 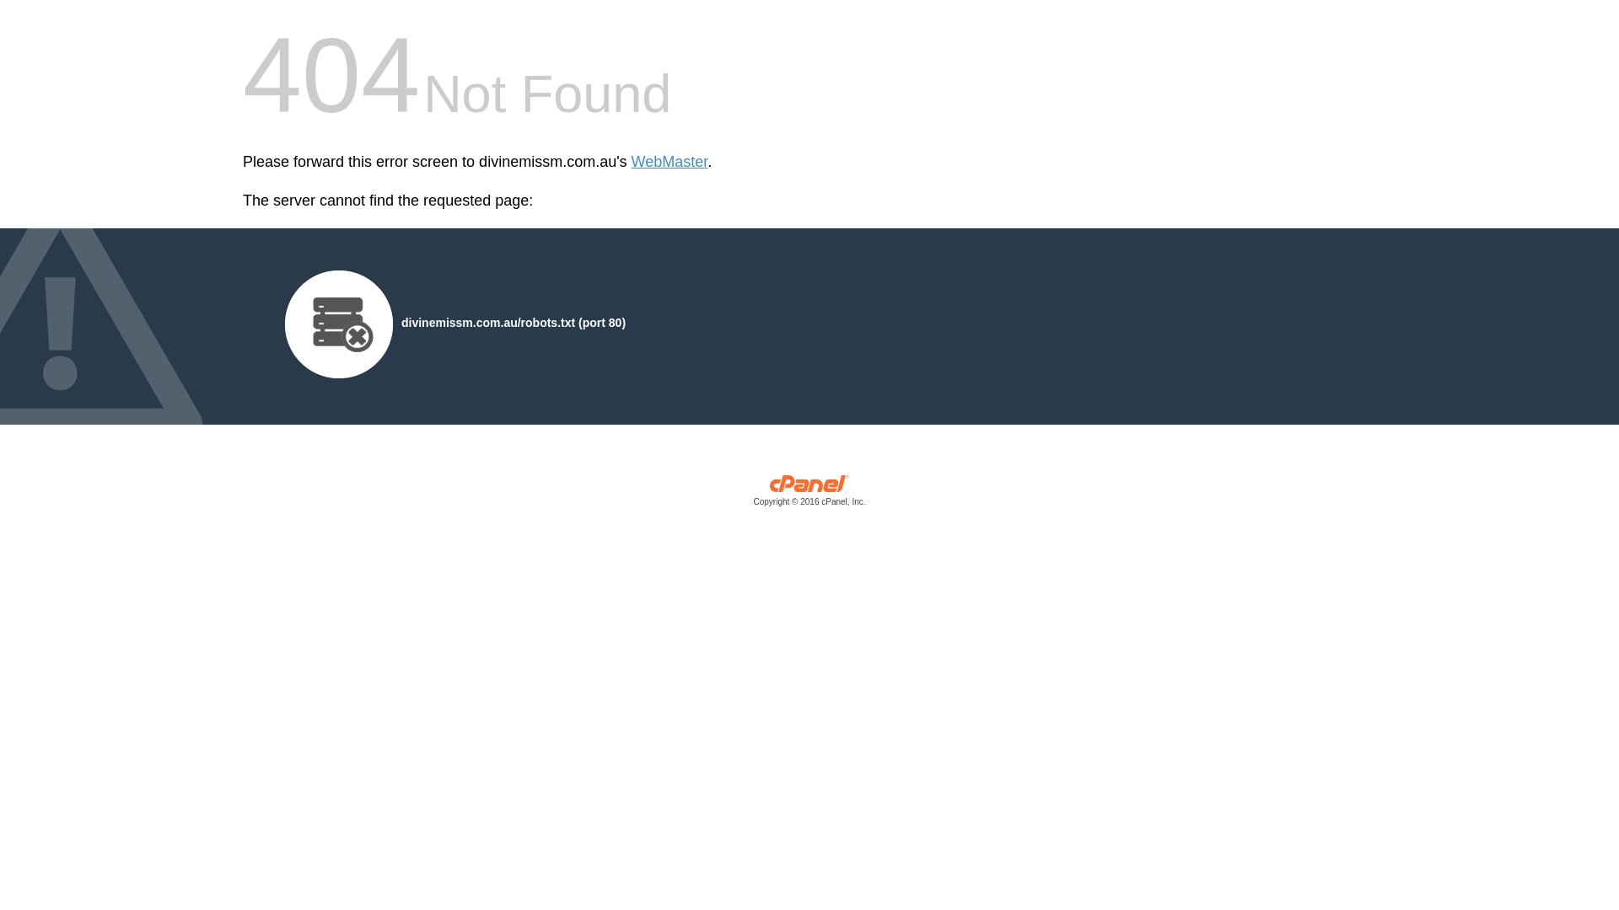 I want to click on 'WebMaster', so click(x=669, y=162).